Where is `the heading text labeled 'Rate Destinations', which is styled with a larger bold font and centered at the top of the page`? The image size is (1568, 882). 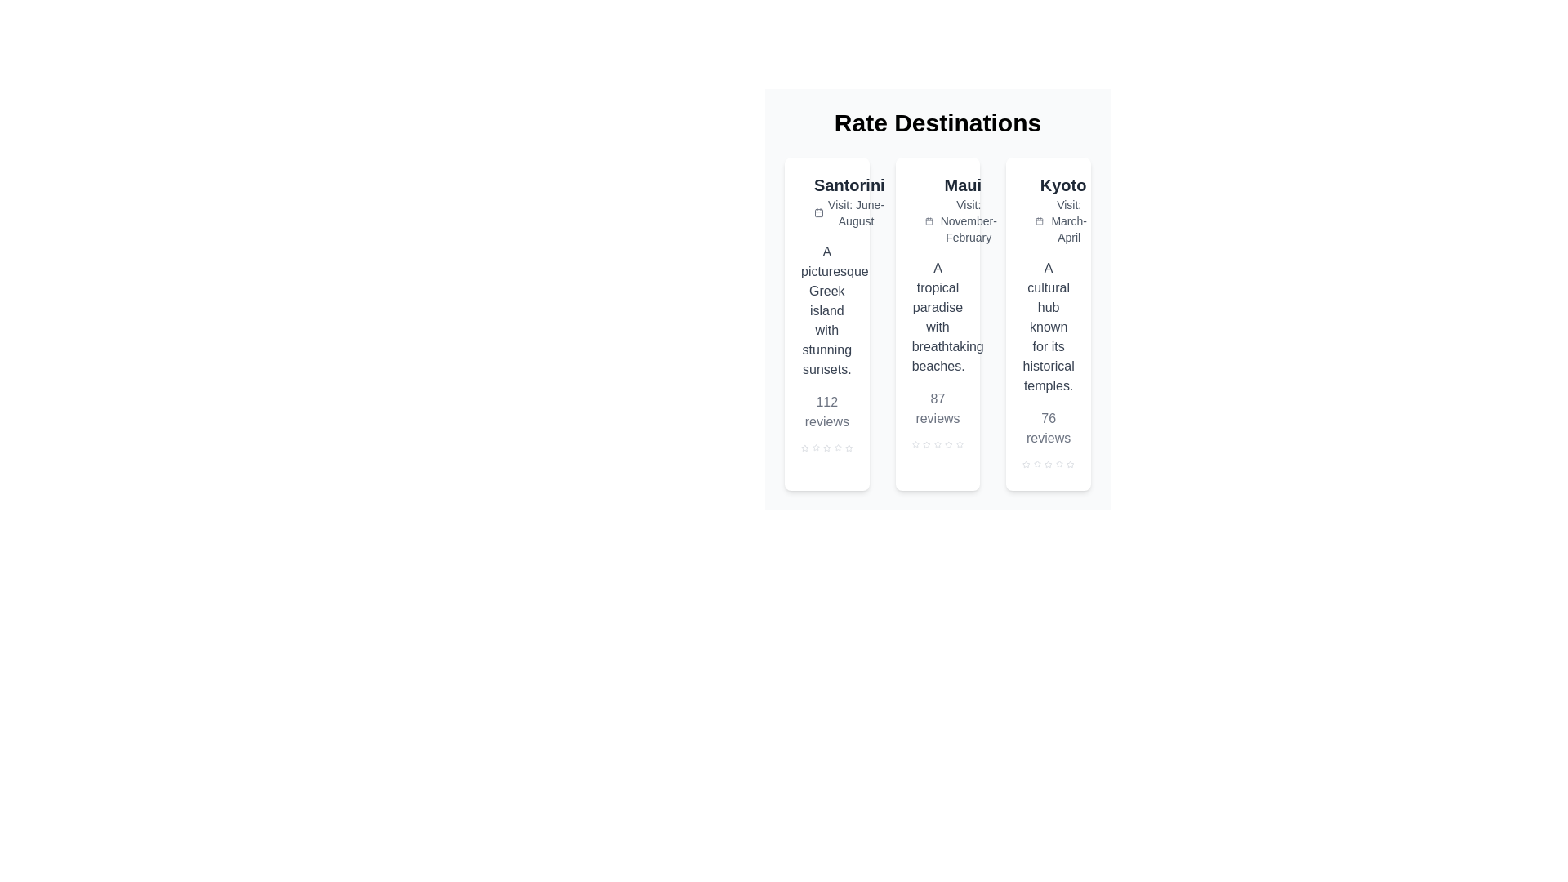 the heading text labeled 'Rate Destinations', which is styled with a larger bold font and centered at the top of the page is located at coordinates (938, 122).